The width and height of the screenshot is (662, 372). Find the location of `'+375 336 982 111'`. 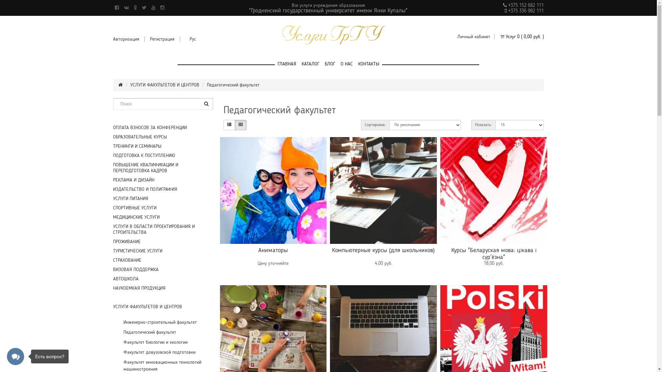

'+375 336 982 111' is located at coordinates (525, 11).